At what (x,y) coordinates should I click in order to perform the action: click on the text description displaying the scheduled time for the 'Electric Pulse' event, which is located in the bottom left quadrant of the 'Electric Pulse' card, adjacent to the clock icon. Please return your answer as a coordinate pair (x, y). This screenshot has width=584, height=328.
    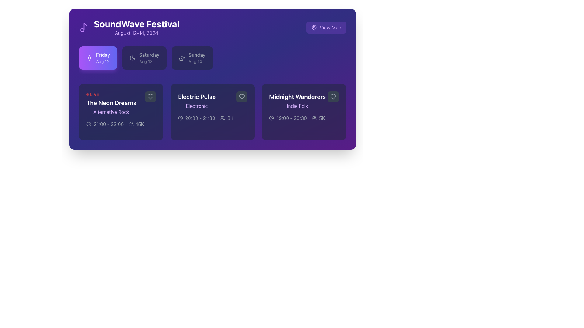
    Looking at the image, I should click on (196, 118).